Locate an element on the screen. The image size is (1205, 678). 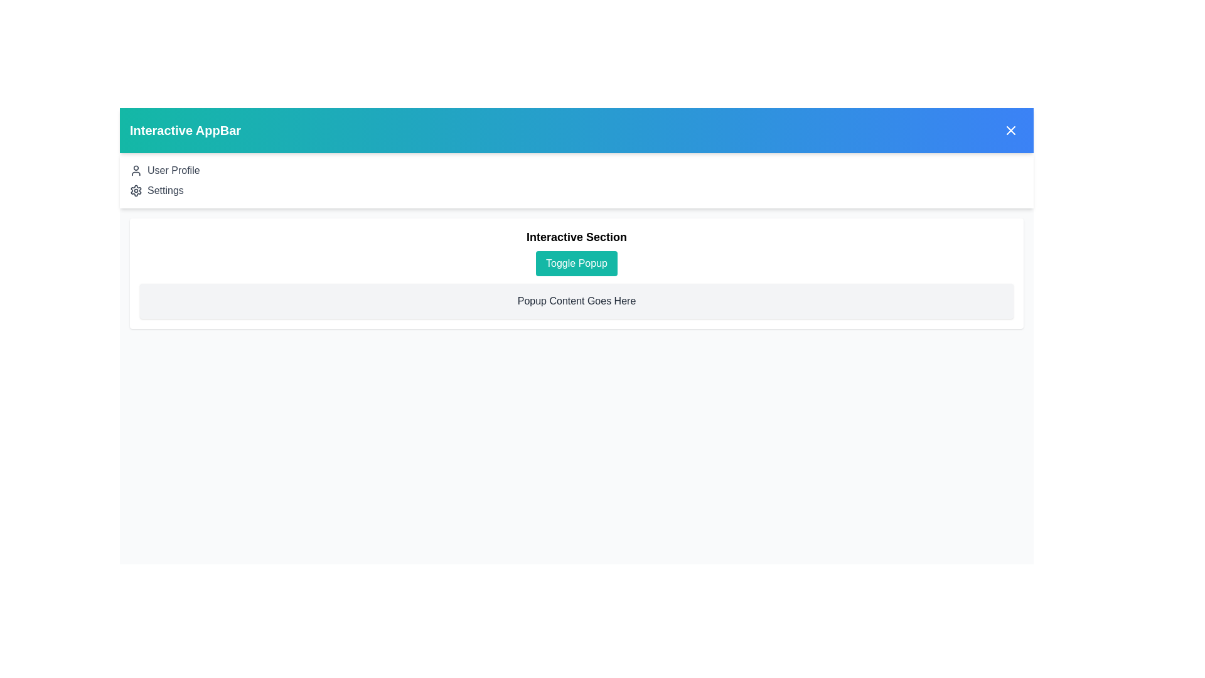
the navigation toggle button in the app bar is located at coordinates (1011, 131).